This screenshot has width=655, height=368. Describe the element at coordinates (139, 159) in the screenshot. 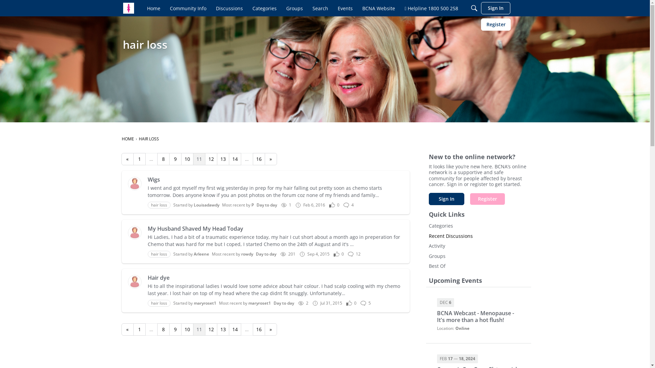

I see `'1'` at that location.